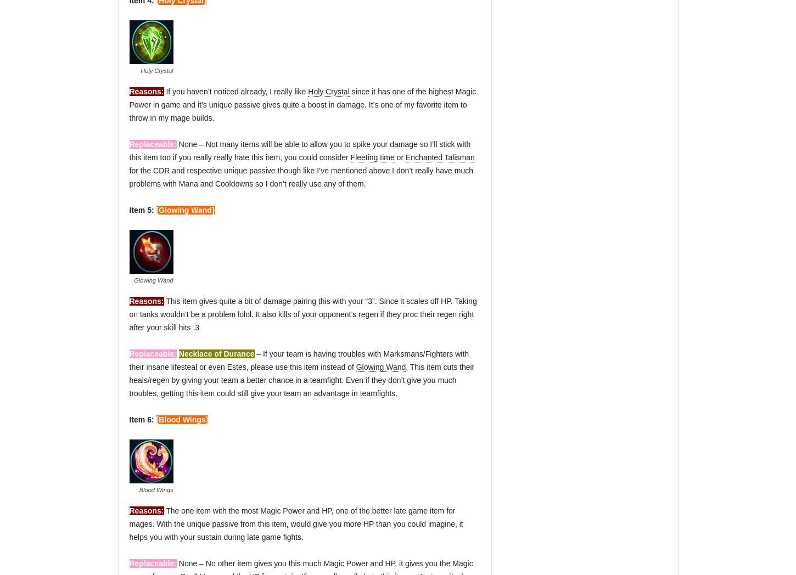 The width and height of the screenshot is (796, 575). What do you see at coordinates (302, 104) in the screenshot?
I see `'since it has one of the highest Magic Power in game and it’s unique passive gives quite a boost in damage. It’s one of my favorite item to throw in my mage builds.'` at bounding box center [302, 104].